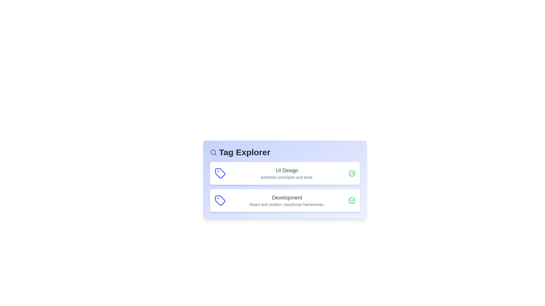 This screenshot has width=545, height=306. What do you see at coordinates (287, 173) in the screenshot?
I see `the description of the tag 'UI Design' to reveal more details` at bounding box center [287, 173].